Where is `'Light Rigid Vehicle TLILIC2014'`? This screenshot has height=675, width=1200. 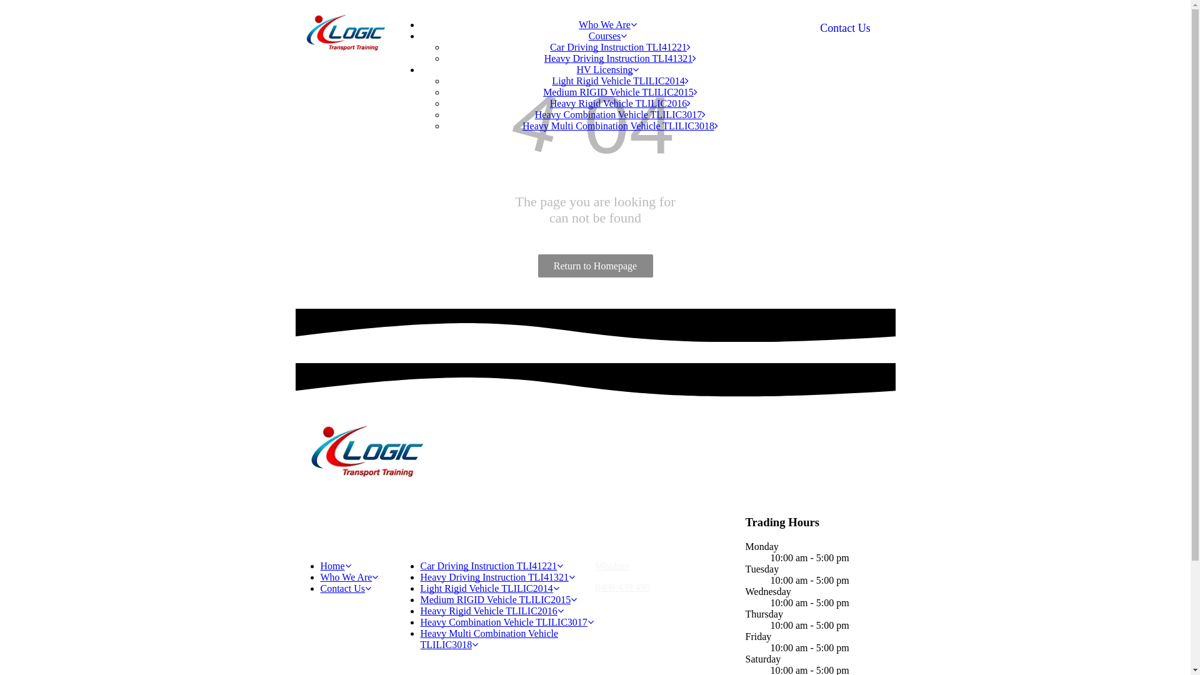
'Light Rigid Vehicle TLILIC2014' is located at coordinates (488, 588).